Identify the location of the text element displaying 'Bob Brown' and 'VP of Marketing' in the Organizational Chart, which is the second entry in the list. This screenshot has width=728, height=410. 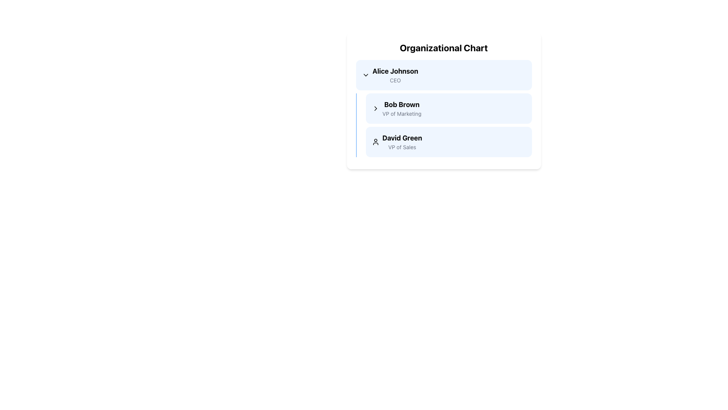
(402, 108).